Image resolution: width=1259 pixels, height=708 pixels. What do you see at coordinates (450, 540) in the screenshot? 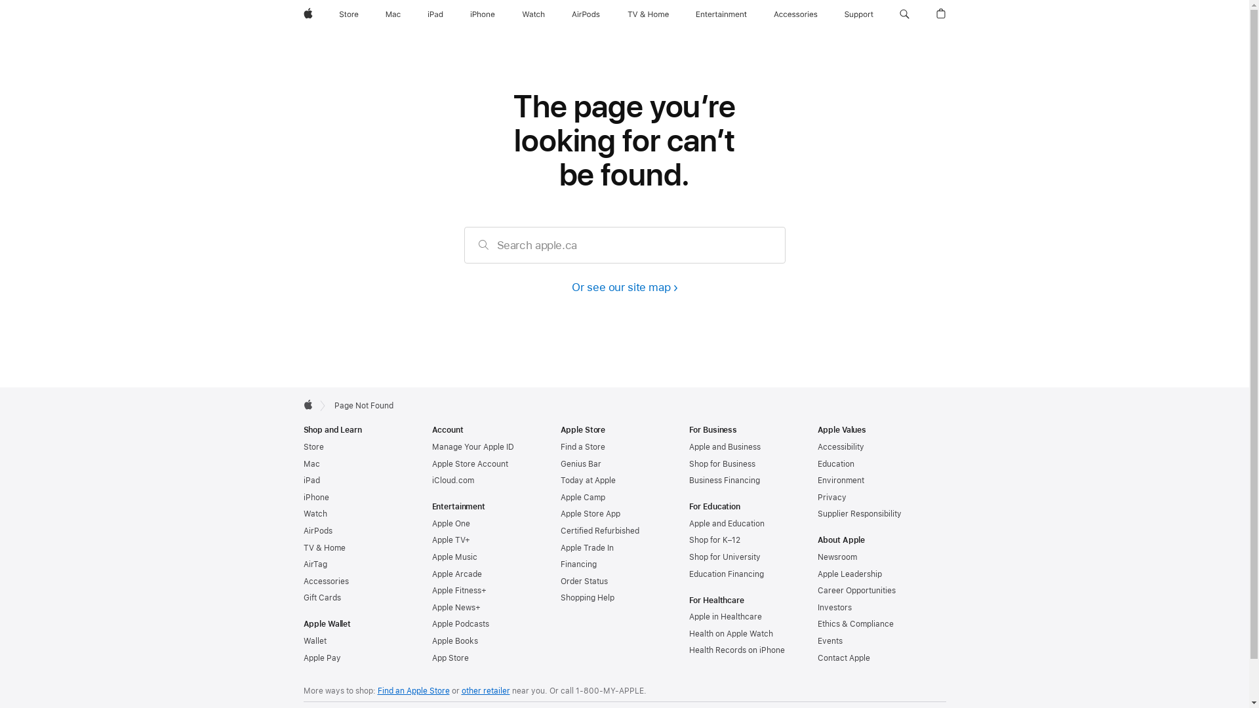
I see `'Apple TV+'` at bounding box center [450, 540].